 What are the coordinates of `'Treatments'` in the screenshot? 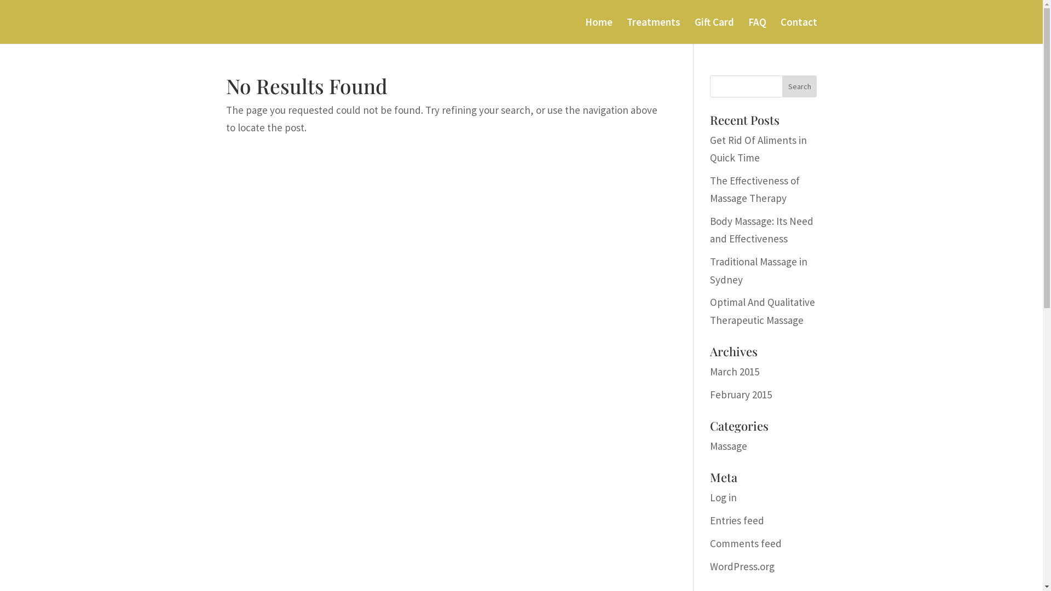 It's located at (653, 30).